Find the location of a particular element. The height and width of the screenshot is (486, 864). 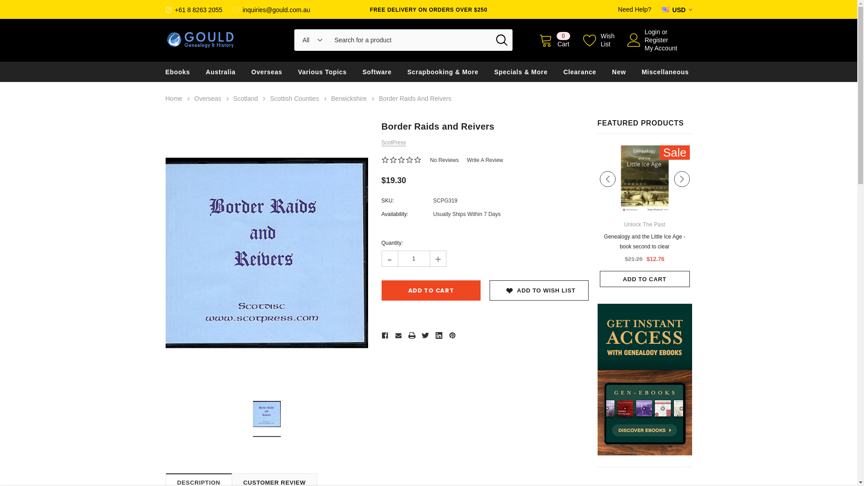

'New' is located at coordinates (612, 71).